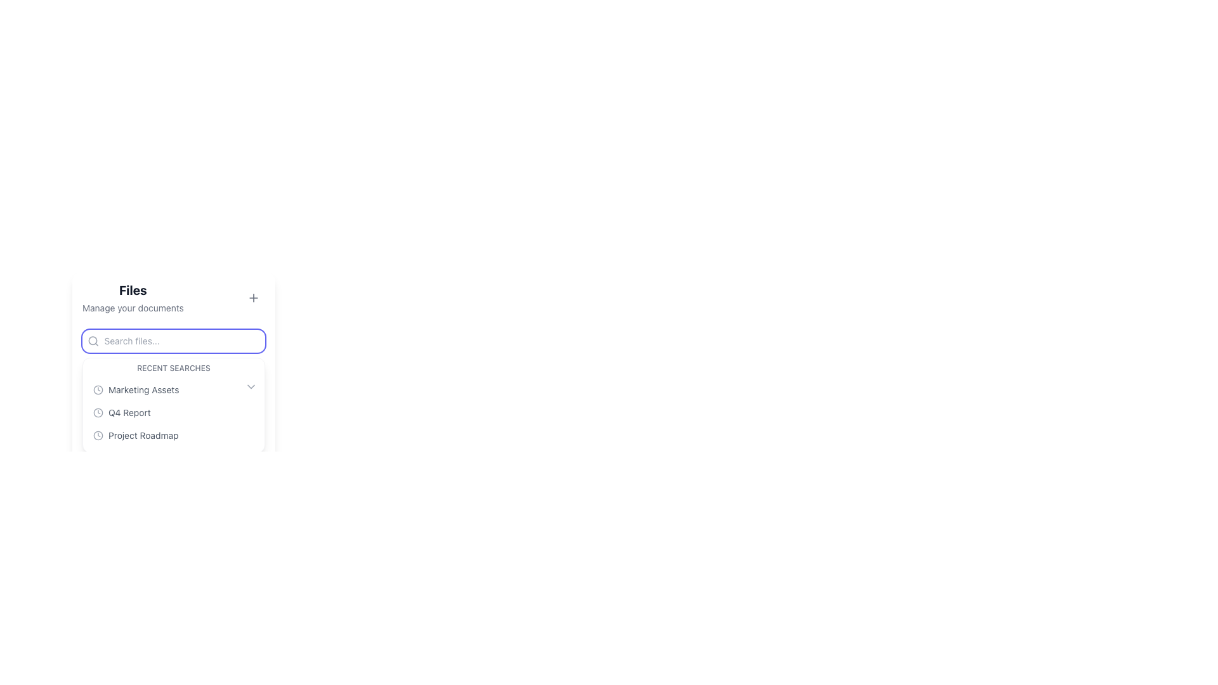 The width and height of the screenshot is (1218, 685). What do you see at coordinates (129, 413) in the screenshot?
I see `the list item containing the 'Q4 Report' text label` at bounding box center [129, 413].